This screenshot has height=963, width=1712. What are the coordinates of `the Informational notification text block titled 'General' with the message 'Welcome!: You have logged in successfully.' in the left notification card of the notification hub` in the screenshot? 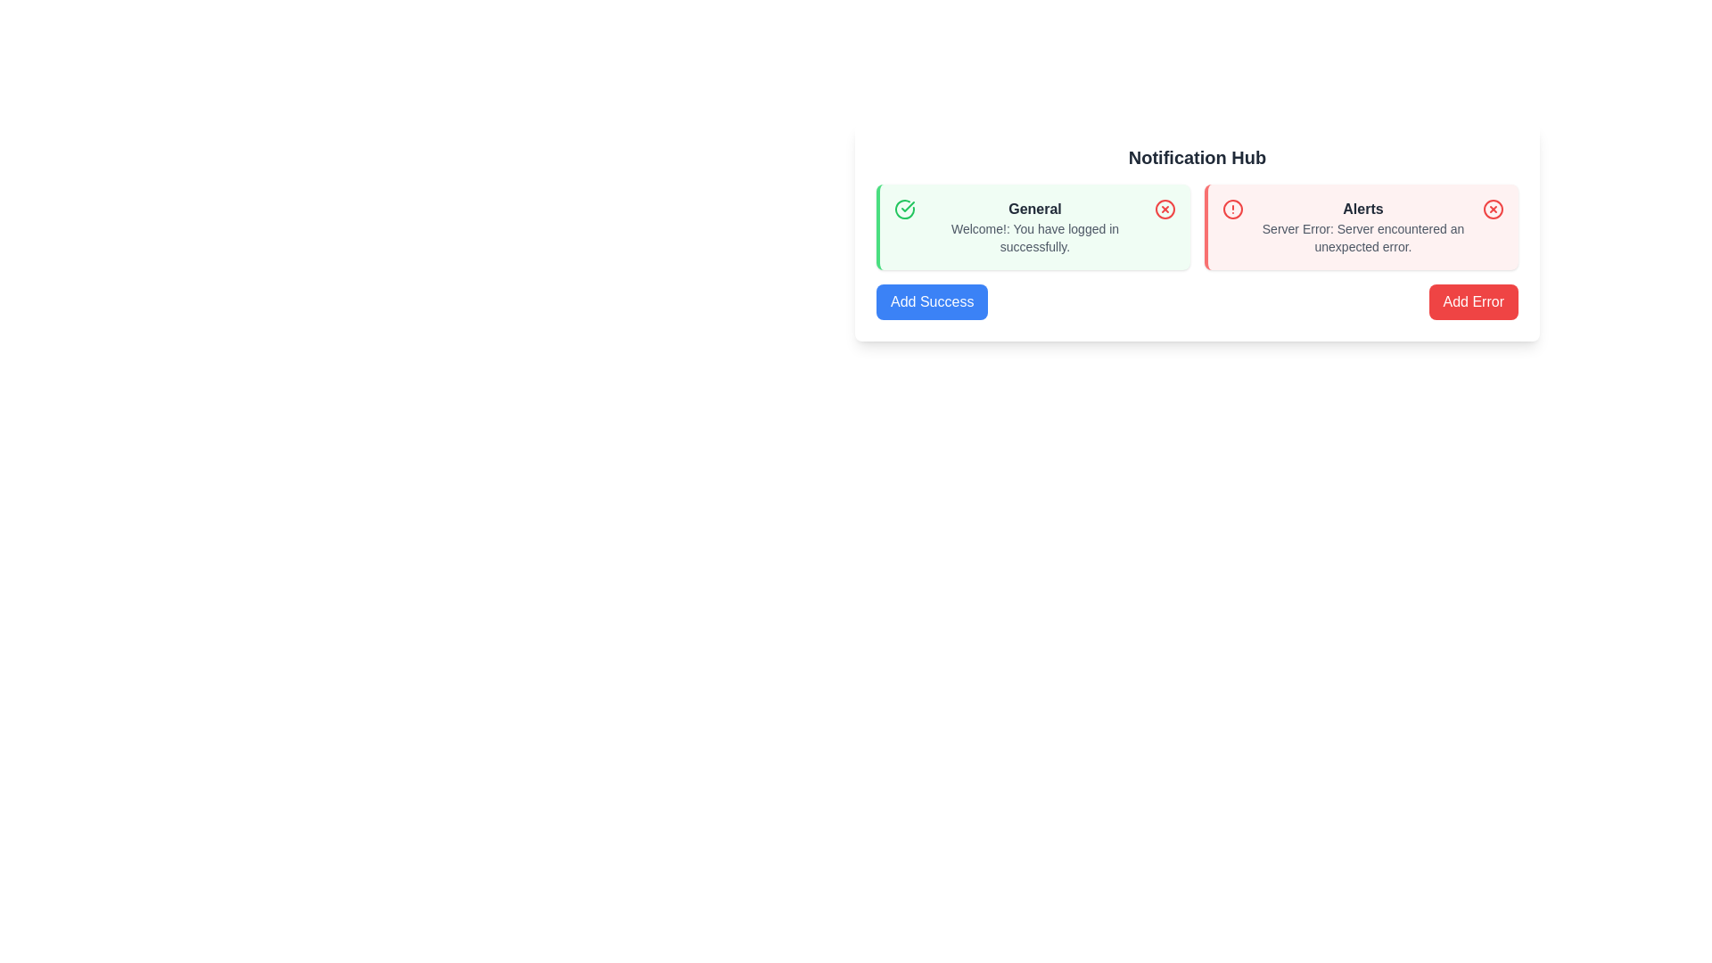 It's located at (1035, 226).